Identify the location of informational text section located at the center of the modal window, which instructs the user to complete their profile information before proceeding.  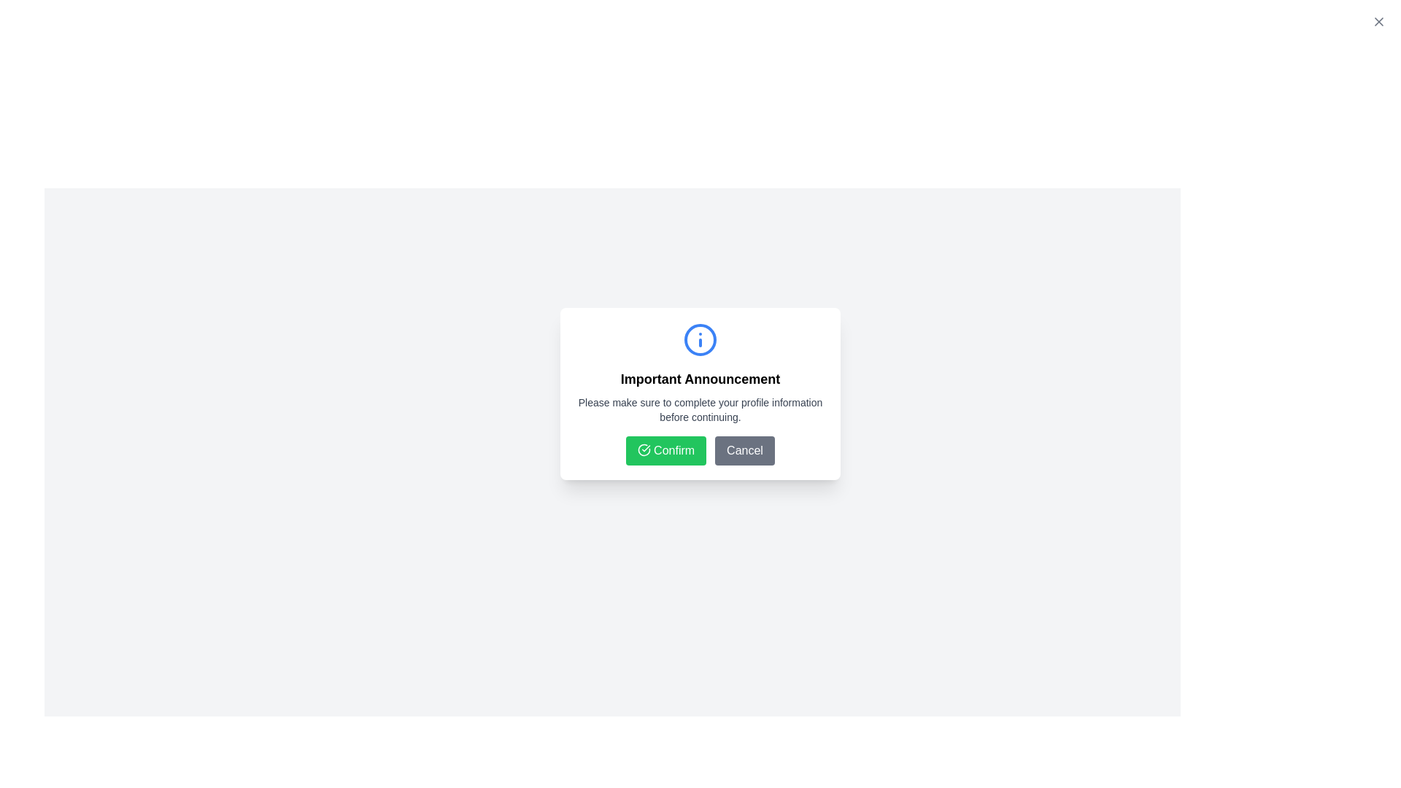
(700, 373).